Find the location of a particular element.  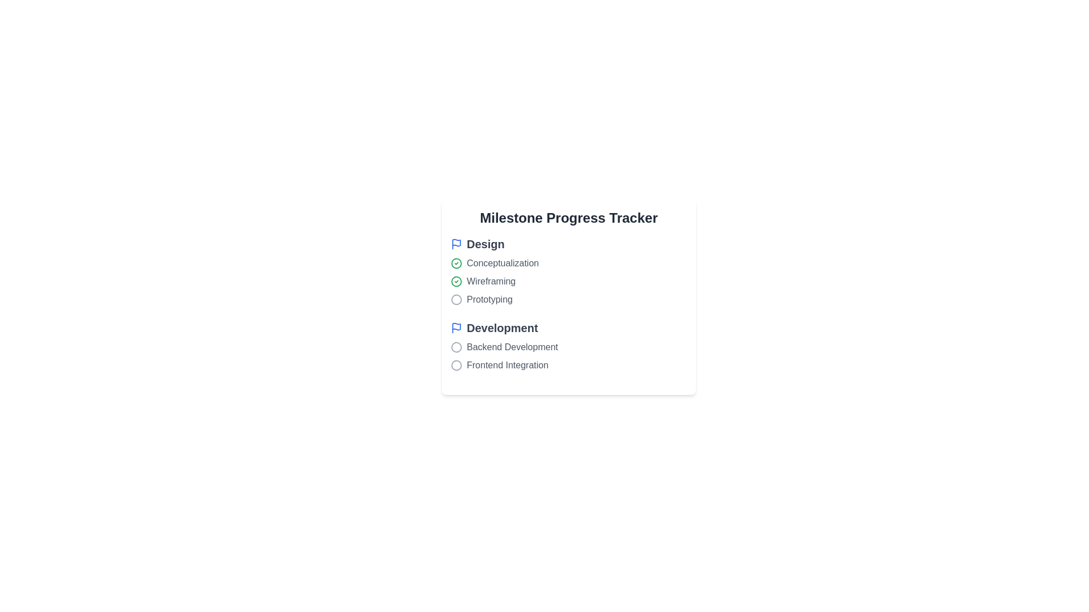

the blue outlined flag icon located to the left of the text 'Development' in the second visible group under the heading 'Milestone Progress Tracker' is located at coordinates (457, 328).